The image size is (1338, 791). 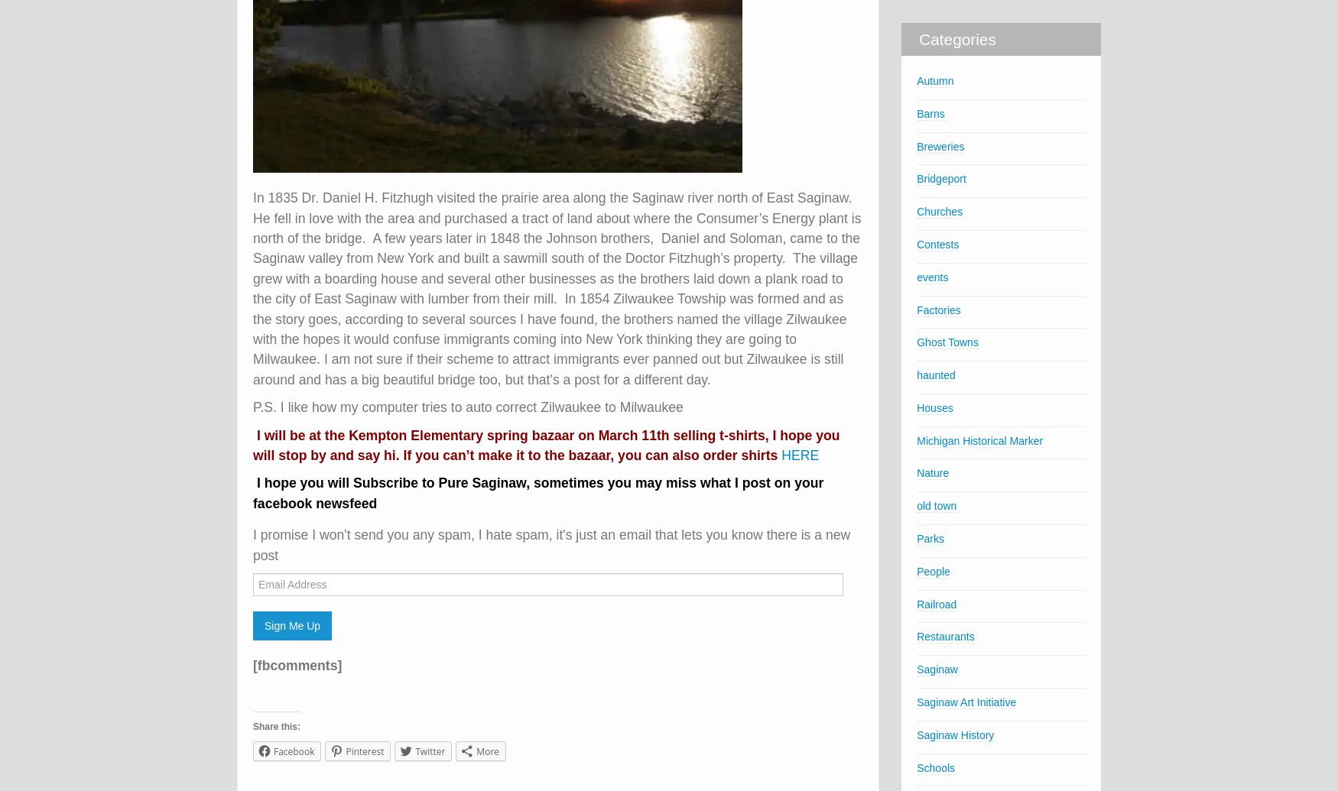 I want to click on 'Schools', so click(x=935, y=766).